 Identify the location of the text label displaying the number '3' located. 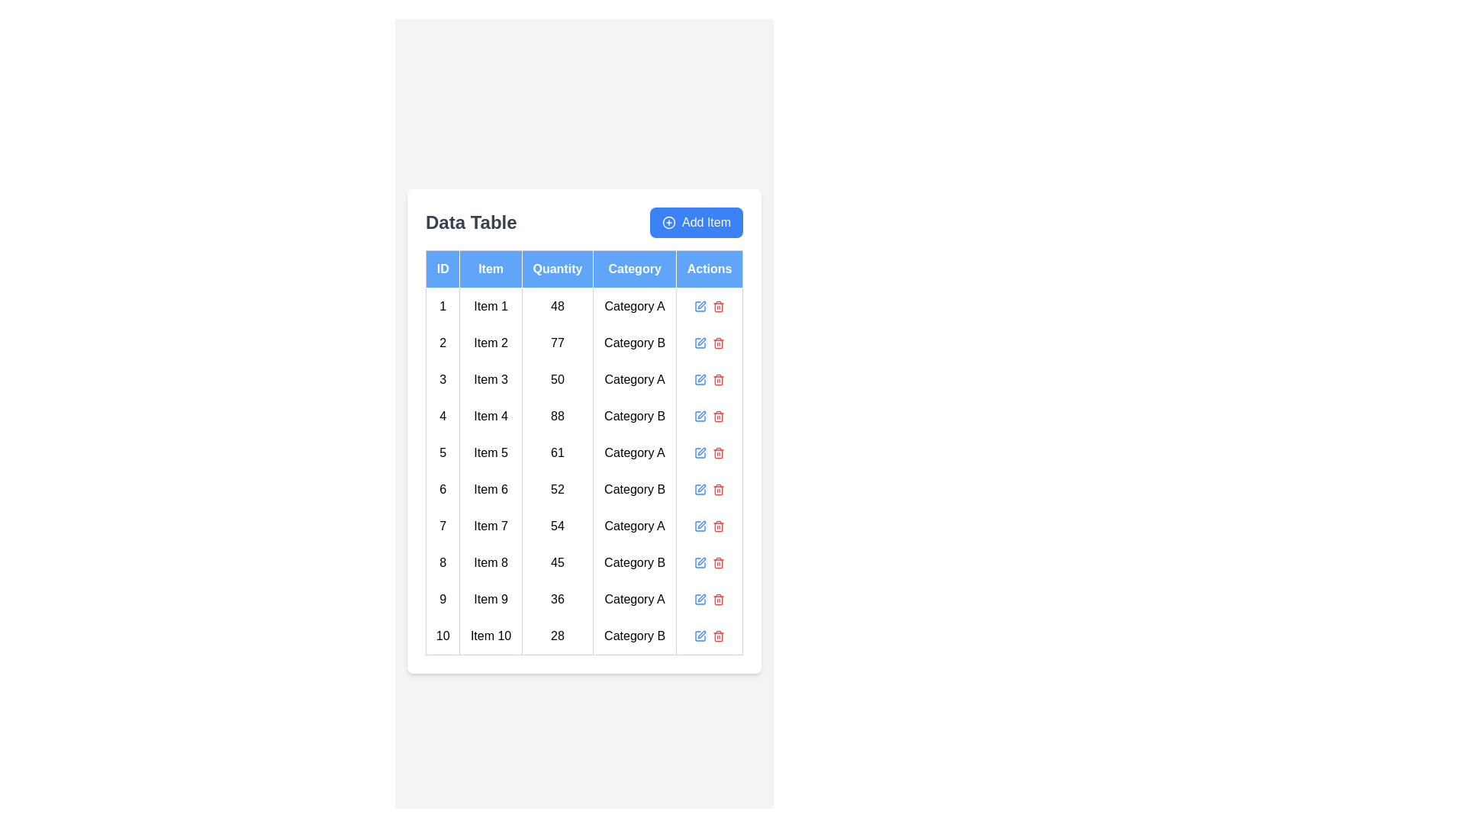
(442, 378).